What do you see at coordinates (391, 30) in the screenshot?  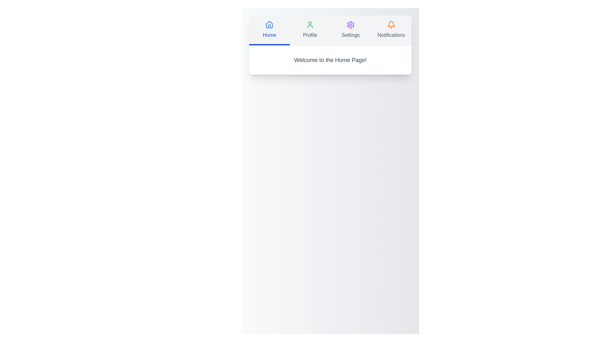 I see `the Notifications tab` at bounding box center [391, 30].